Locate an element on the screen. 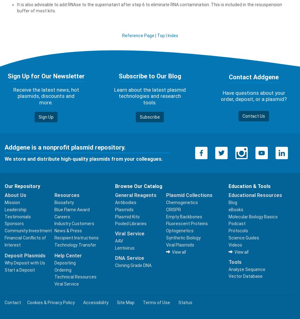 This screenshot has width=300, height=319. 'Analyze Sequence' is located at coordinates (228, 269).